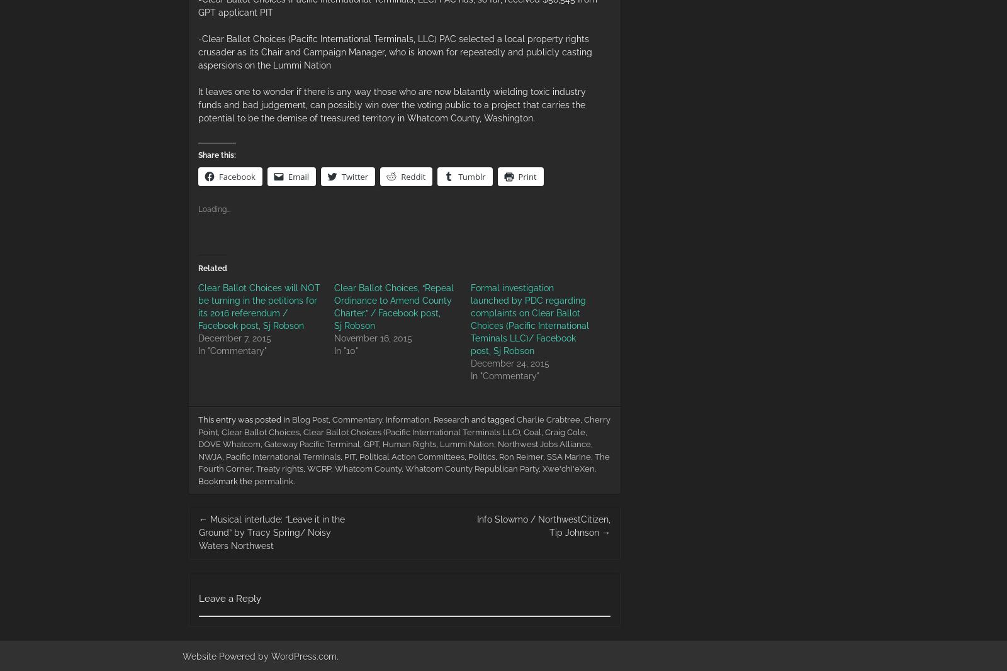 The height and width of the screenshot is (671, 1007). Describe the element at coordinates (412, 455) in the screenshot. I see `'Political Action Committees'` at that location.